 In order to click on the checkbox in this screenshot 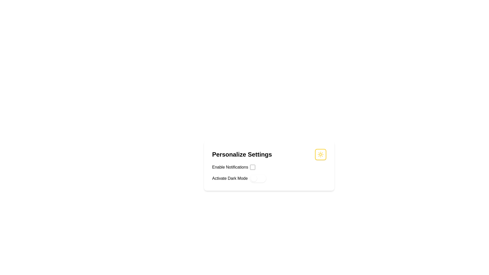, I will do `click(253, 167)`.